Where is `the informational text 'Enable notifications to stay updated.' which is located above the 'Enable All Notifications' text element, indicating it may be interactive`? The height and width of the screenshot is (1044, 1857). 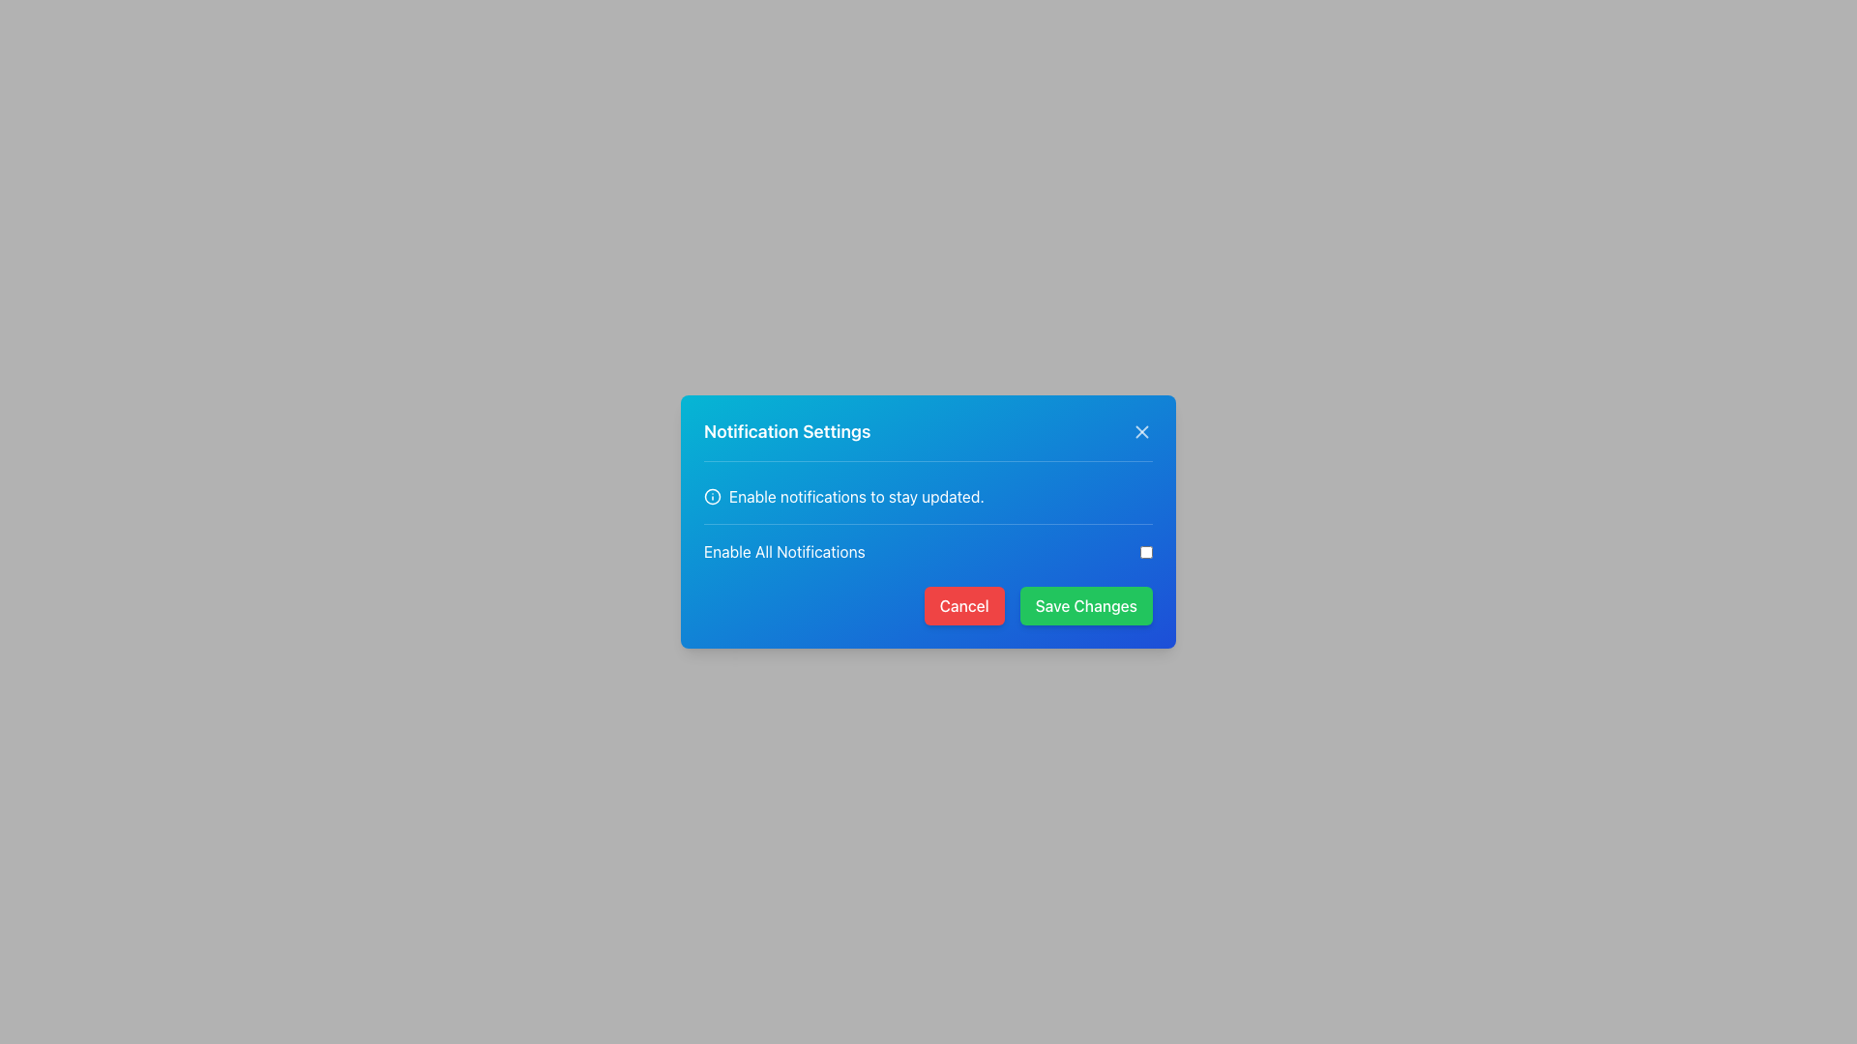 the informational text 'Enable notifications to stay updated.' which is located above the 'Enable All Notifications' text element, indicating it may be interactive is located at coordinates (928, 495).